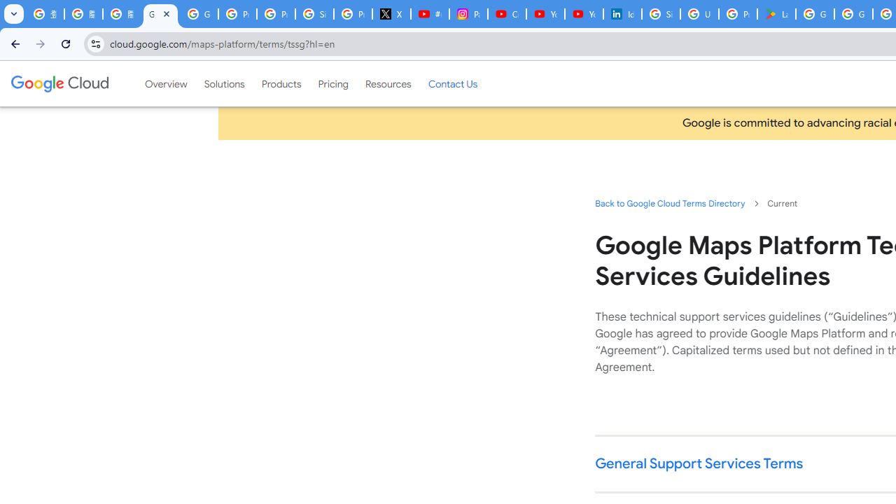  Describe the element at coordinates (430, 14) in the screenshot. I see `'#nbabasketballhighlights - YouTube'` at that location.